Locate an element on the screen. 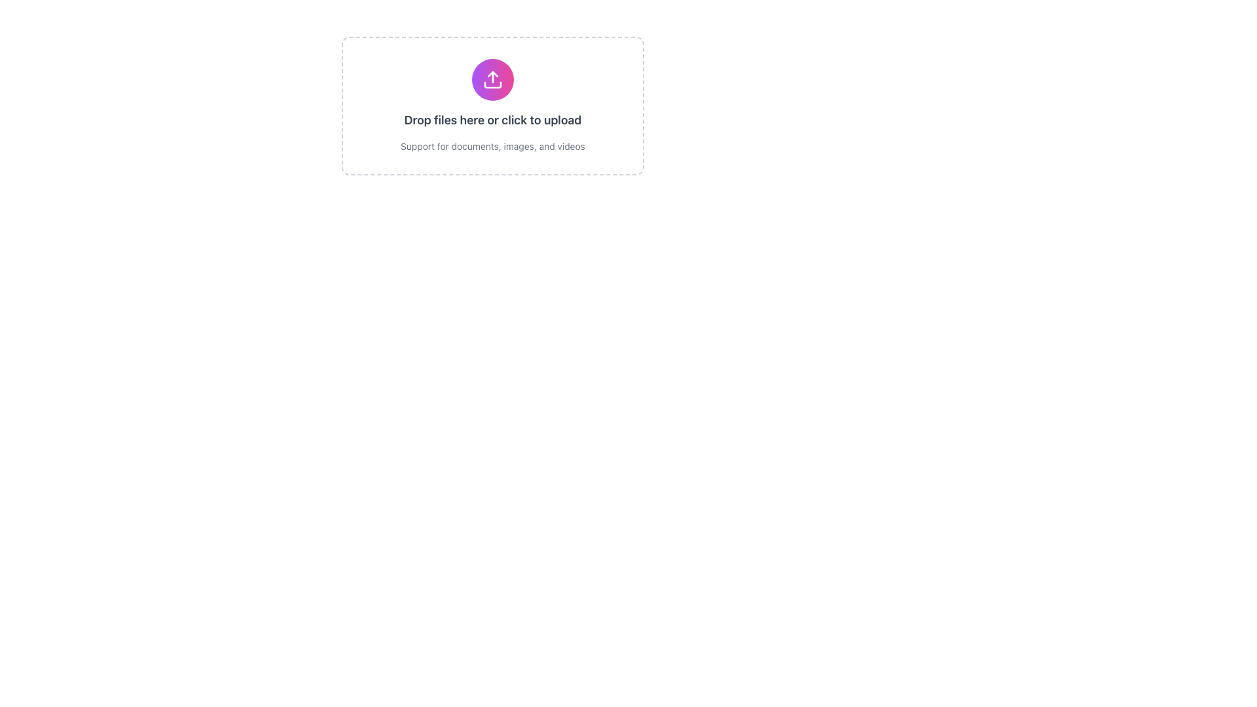 The height and width of the screenshot is (707, 1257). and drop files into the interactive file upload area, which is a prominent rectangular component with dashed borders and rounded corners, containing a circular icon and text prompting users is located at coordinates (492, 105).